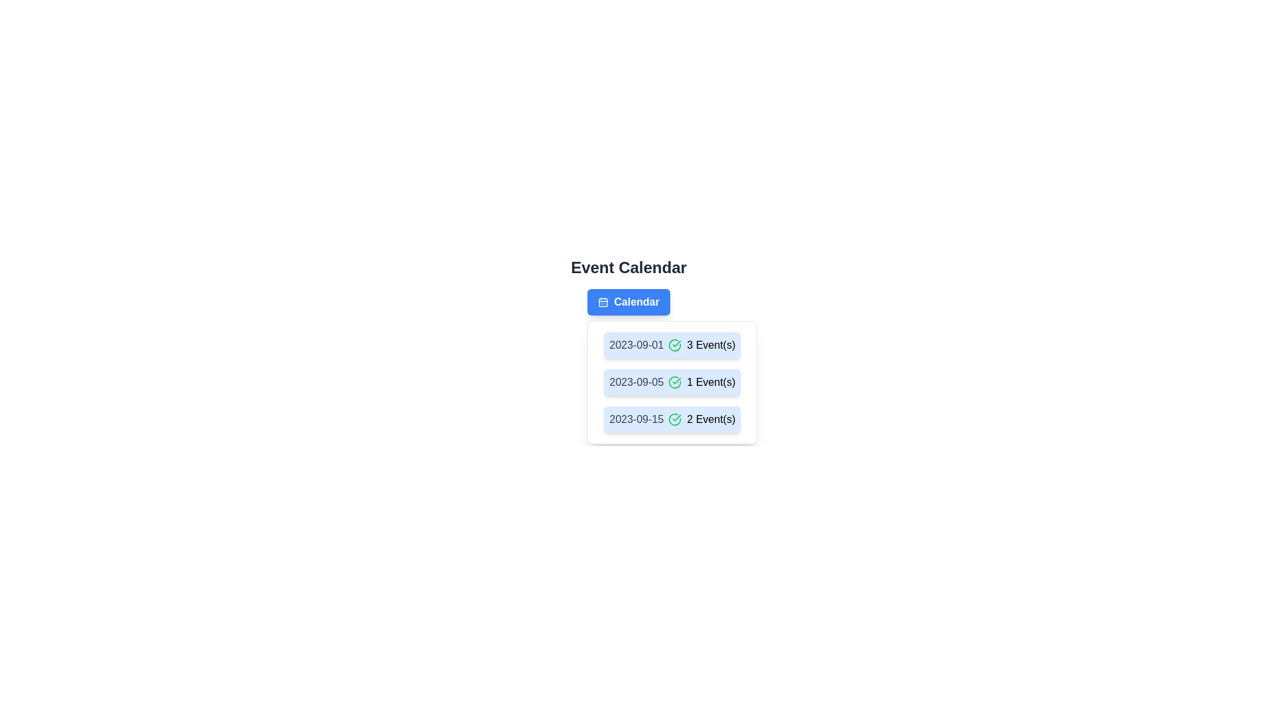 This screenshot has height=716, width=1273. Describe the element at coordinates (672, 383) in the screenshot. I see `the List item displaying the date '2023-09-05' with '1 Event(s)' and a green circular check icon, located in the middle of the vertically-stacked list` at that location.